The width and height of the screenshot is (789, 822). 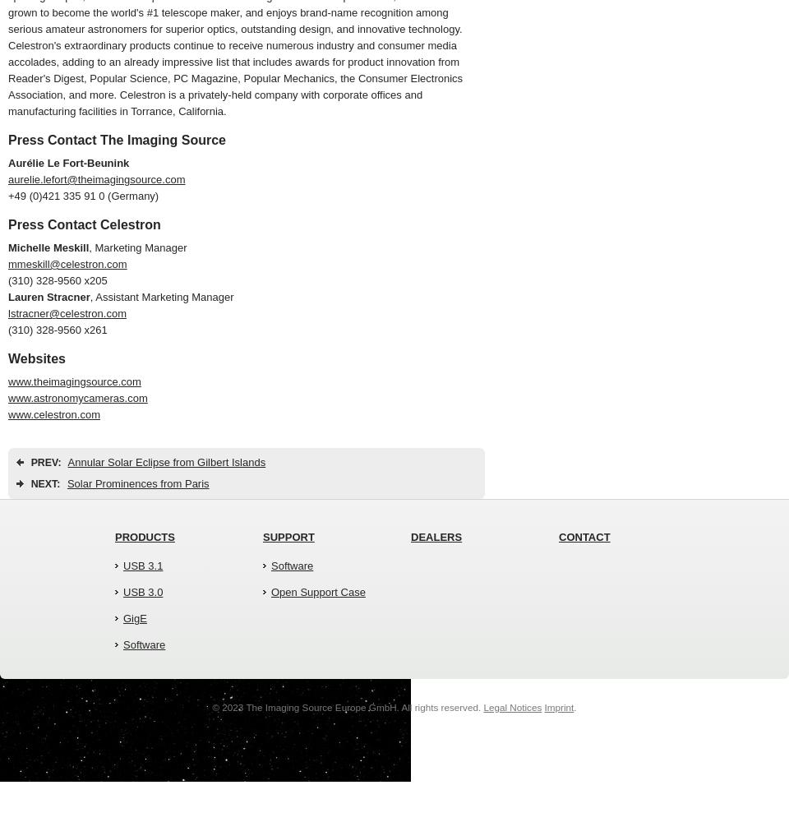 What do you see at coordinates (74, 381) in the screenshot?
I see `'www.theimagingsource.com'` at bounding box center [74, 381].